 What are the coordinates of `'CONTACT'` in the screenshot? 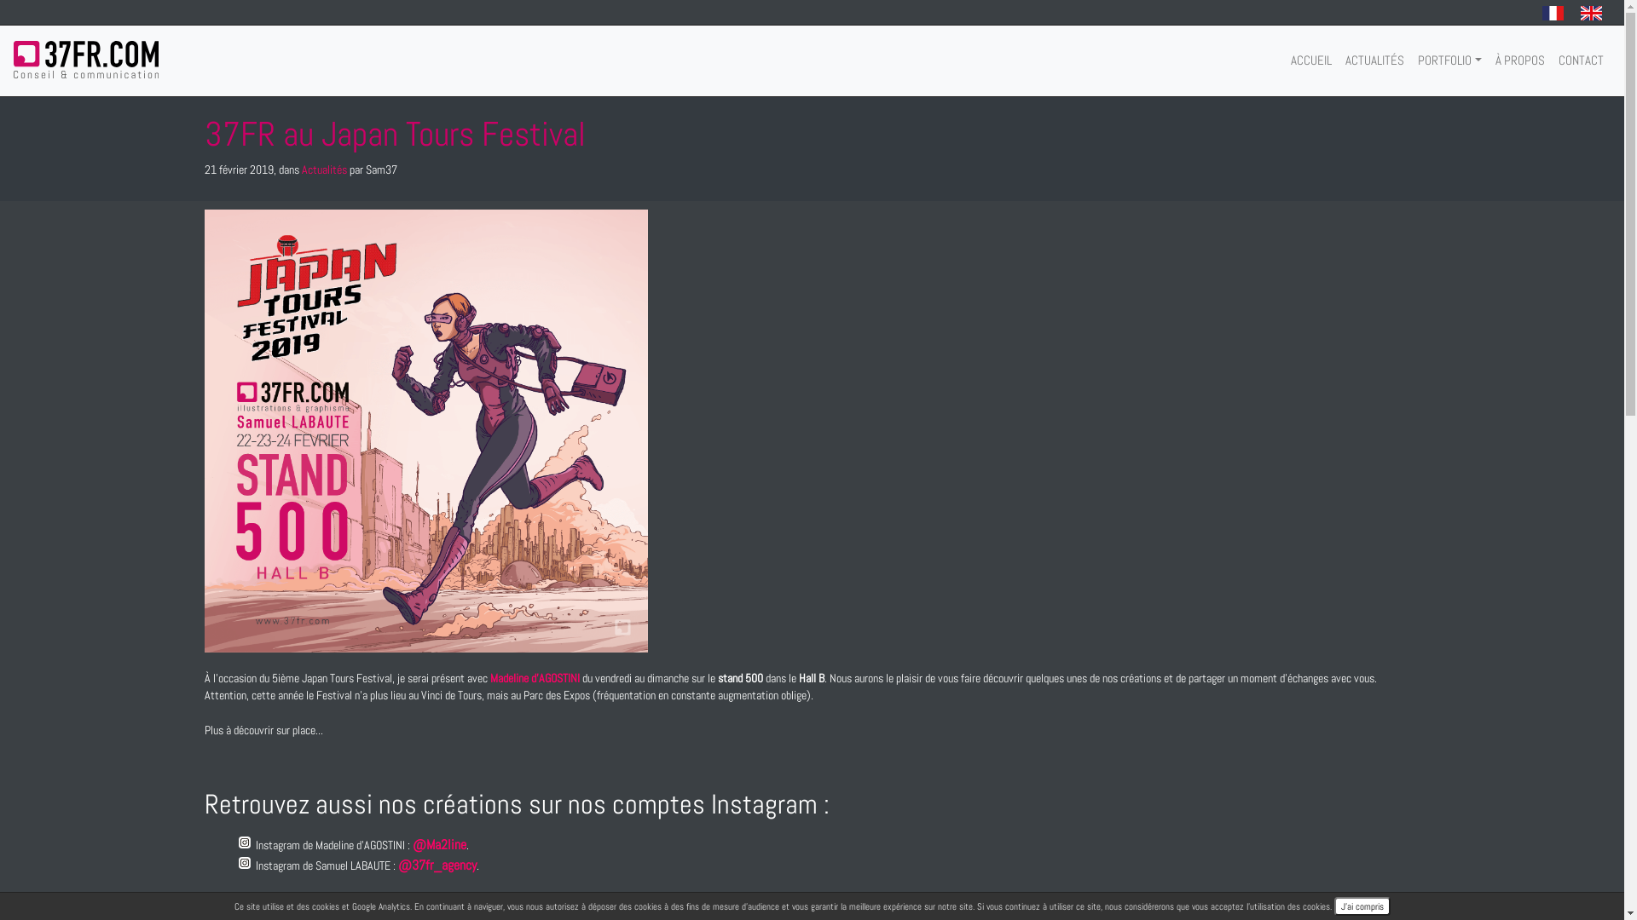 It's located at (1580, 59).